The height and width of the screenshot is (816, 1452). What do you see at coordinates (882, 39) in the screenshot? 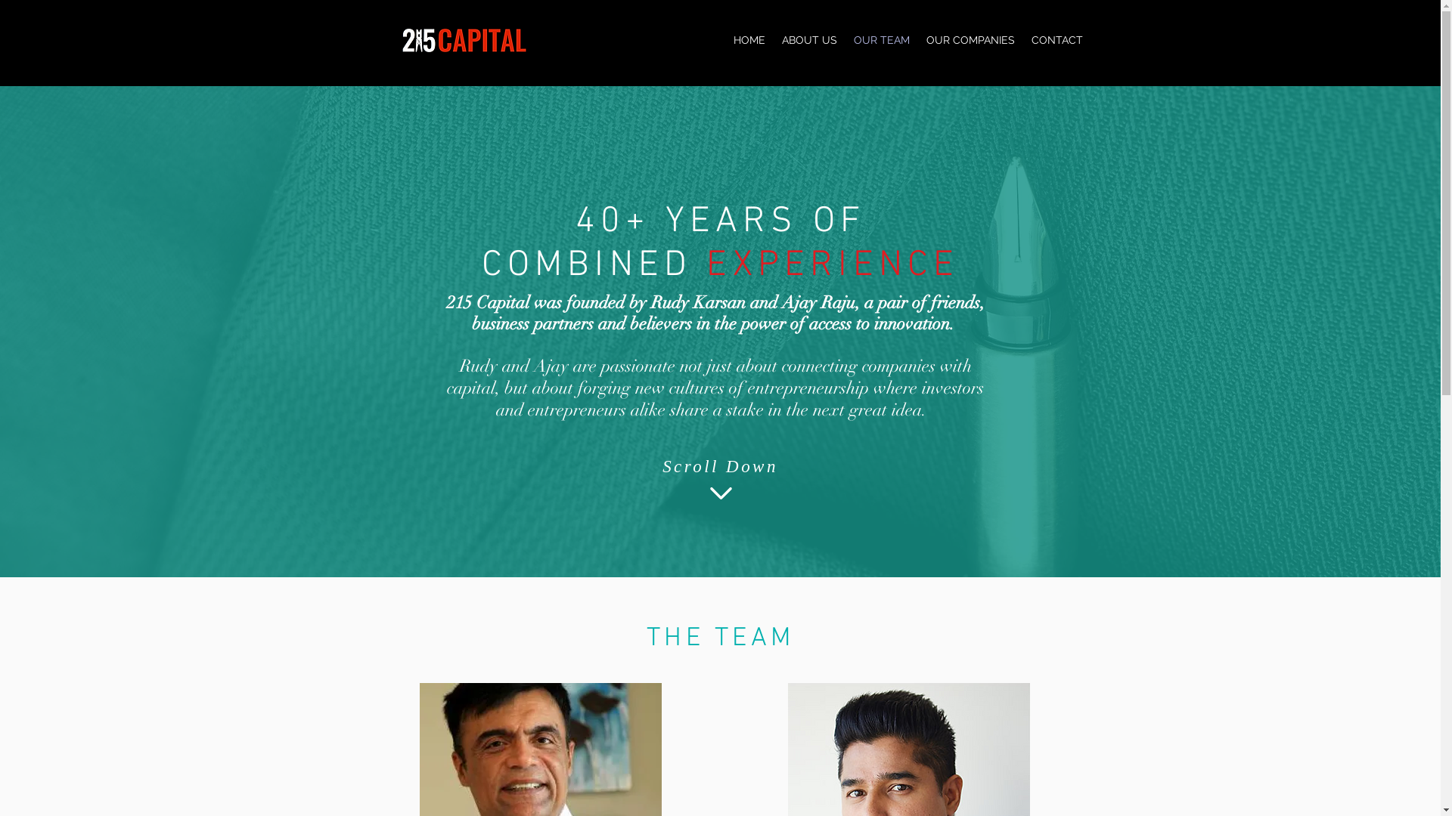
I see `'OUR TEAM'` at bounding box center [882, 39].